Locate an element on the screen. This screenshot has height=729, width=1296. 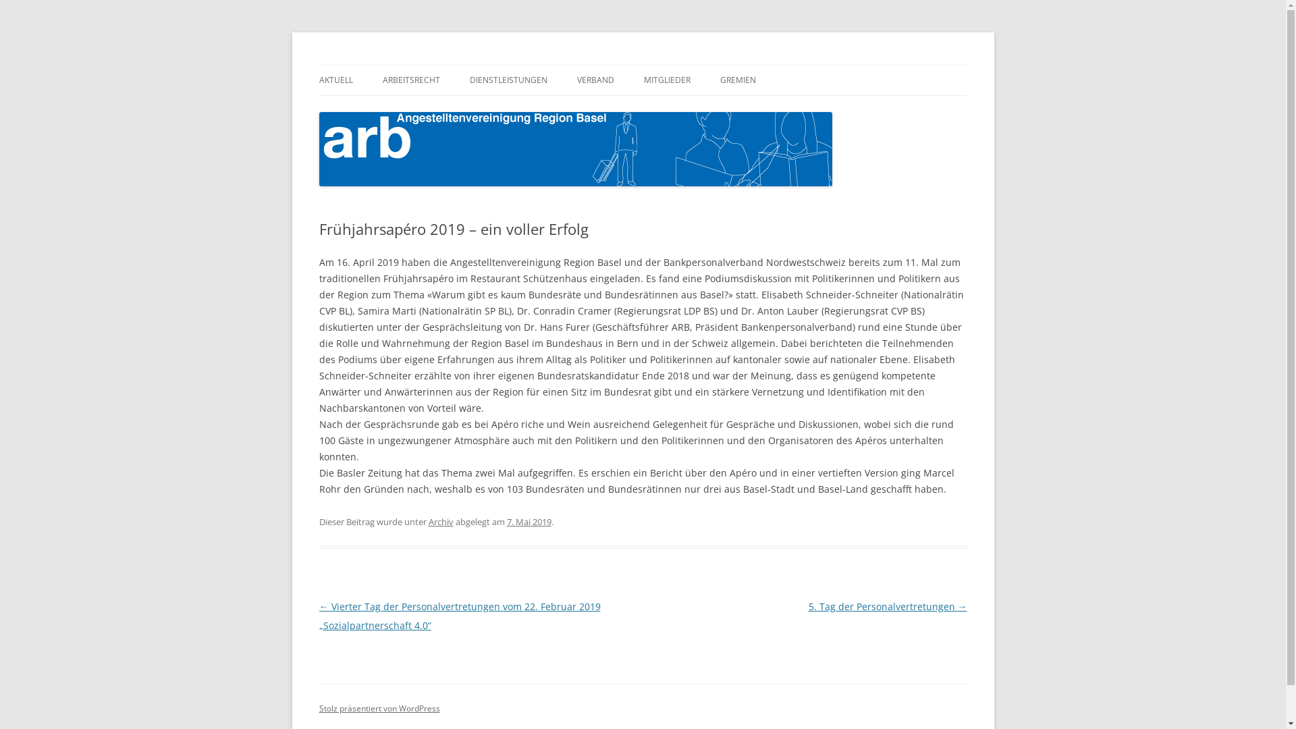
'MITGLIEDER' is located at coordinates (667, 80).